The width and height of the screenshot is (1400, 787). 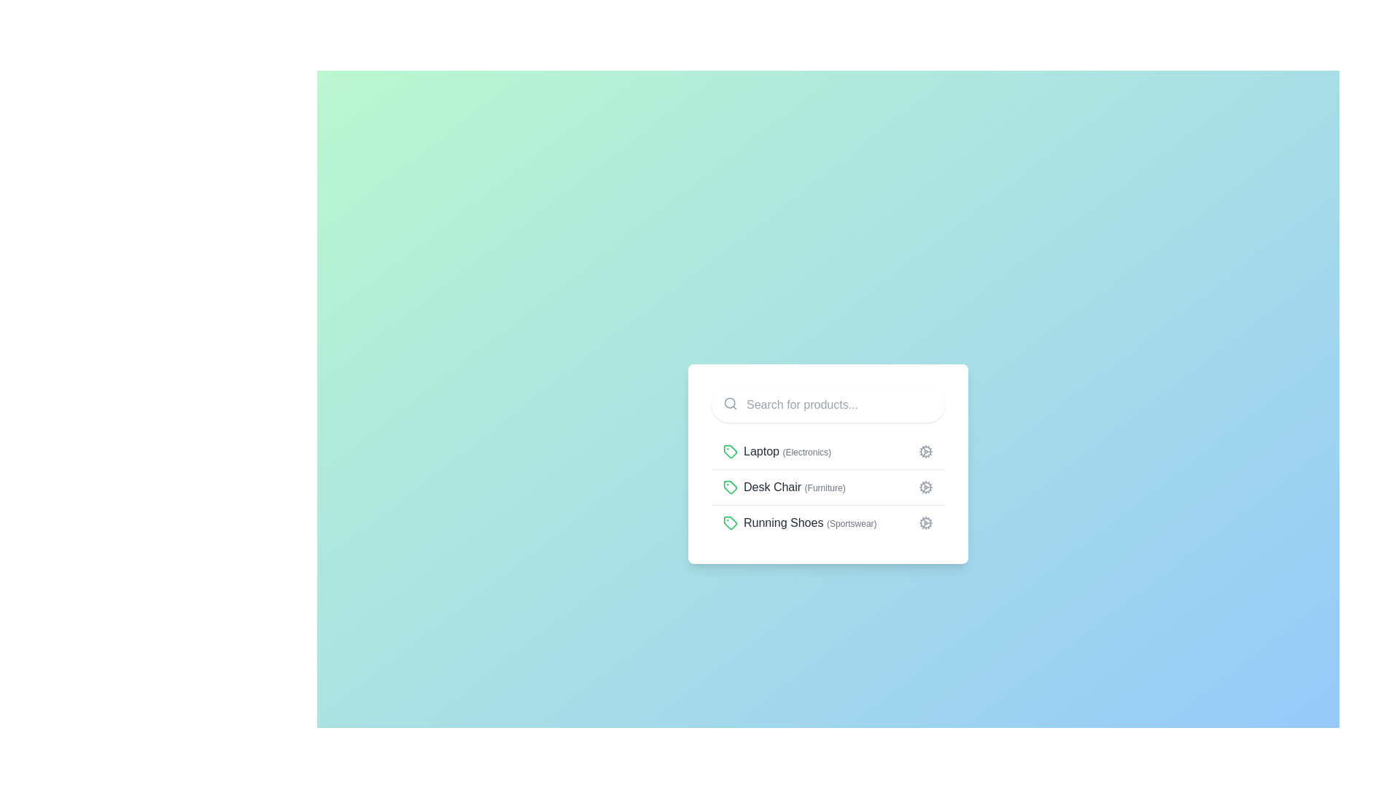 What do you see at coordinates (731, 522) in the screenshot?
I see `the tag icon representing 'Running Shoes (Sportswear)', which is located to the left of the associated text in the bottom row of the vertical item list` at bounding box center [731, 522].